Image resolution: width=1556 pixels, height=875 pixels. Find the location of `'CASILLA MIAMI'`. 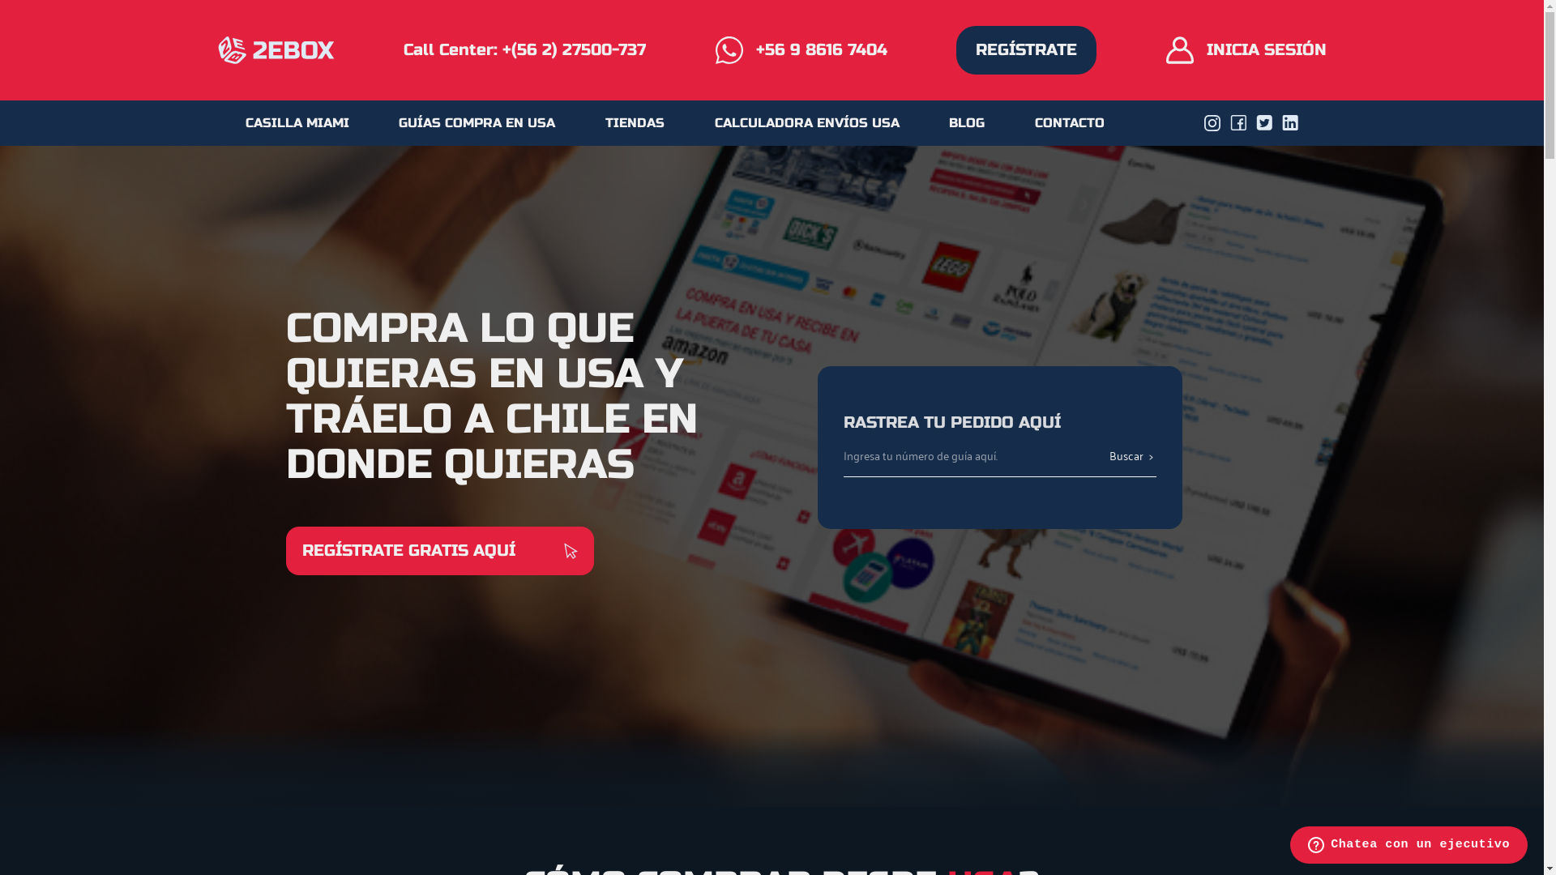

'CASILLA MIAMI' is located at coordinates (296, 122).